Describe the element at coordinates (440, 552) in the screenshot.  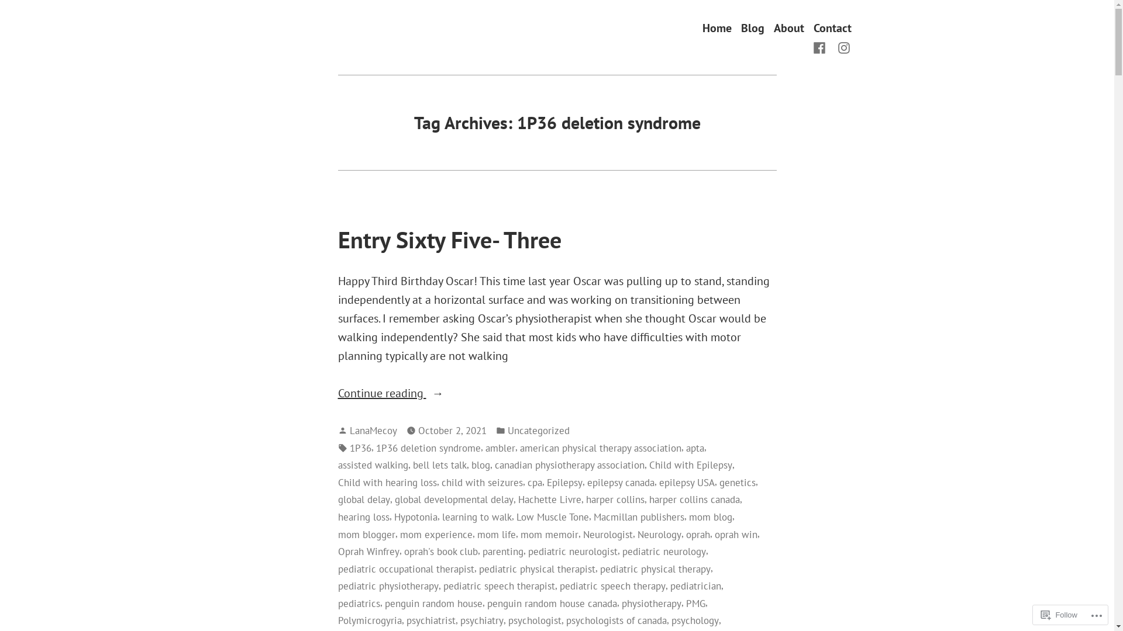
I see `'oprah's book club'` at that location.